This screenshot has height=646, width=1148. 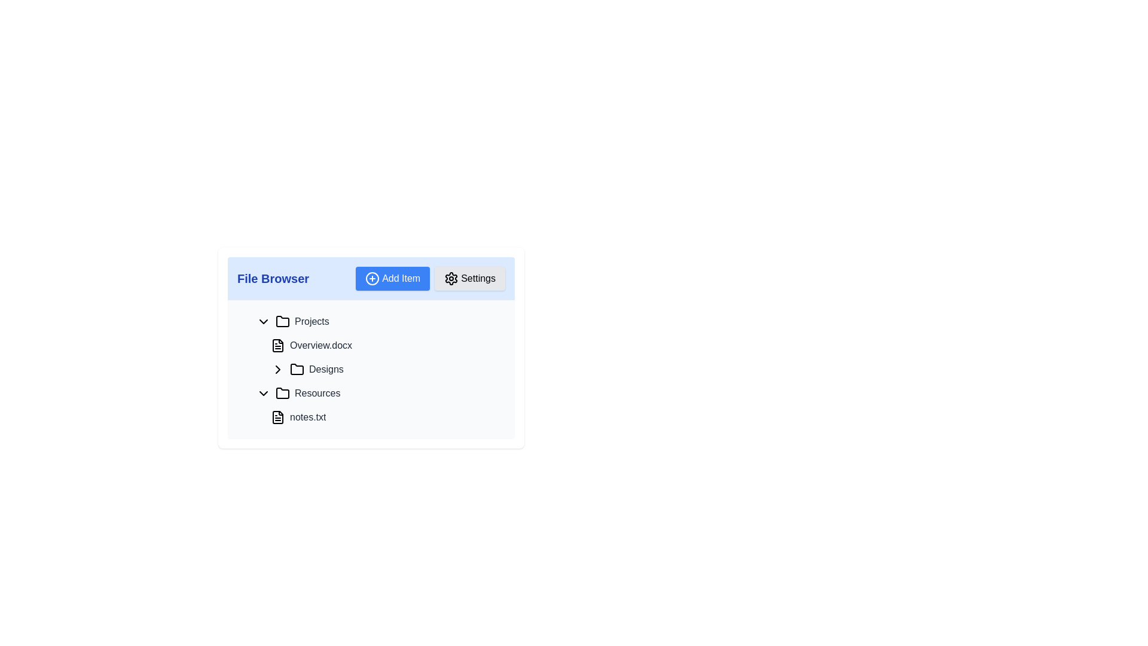 I want to click on the SVG file icon representing 'Overview.docx' in the file management interface, so click(x=277, y=346).